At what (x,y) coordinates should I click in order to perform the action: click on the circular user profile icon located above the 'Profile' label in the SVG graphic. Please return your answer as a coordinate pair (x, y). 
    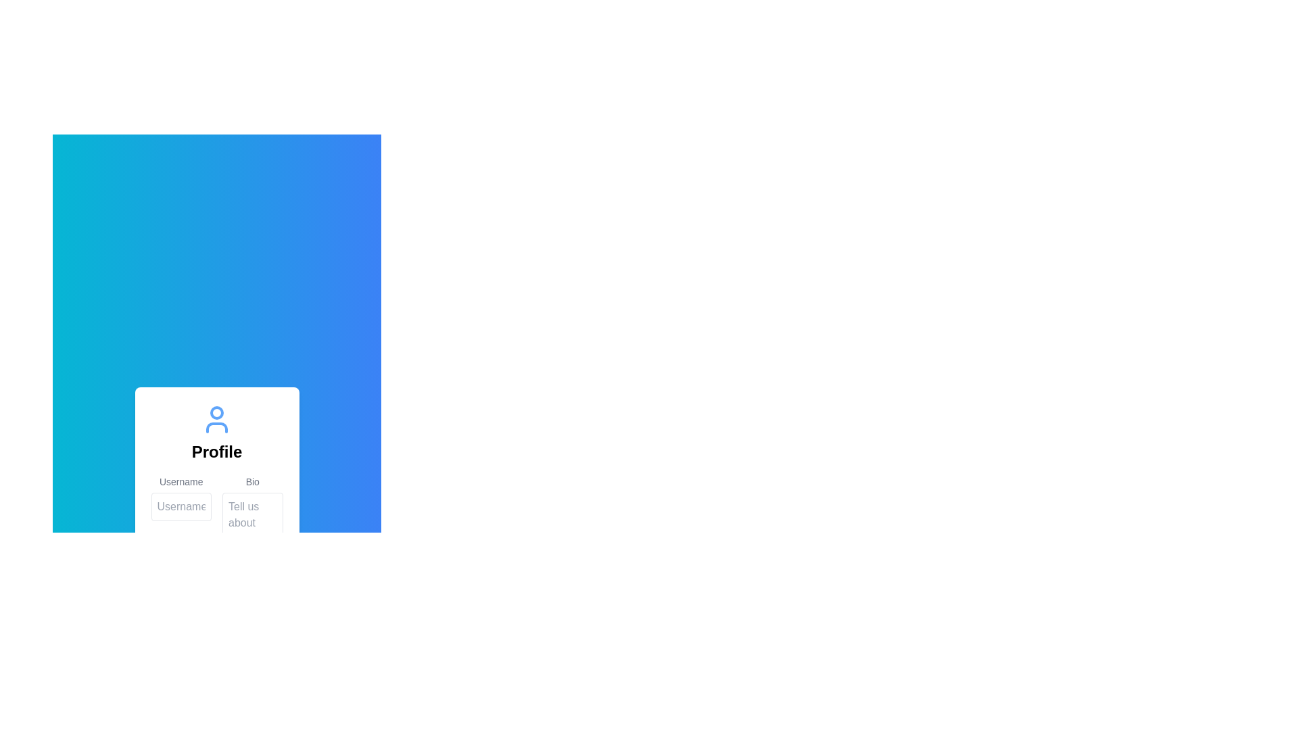
    Looking at the image, I should click on (217, 412).